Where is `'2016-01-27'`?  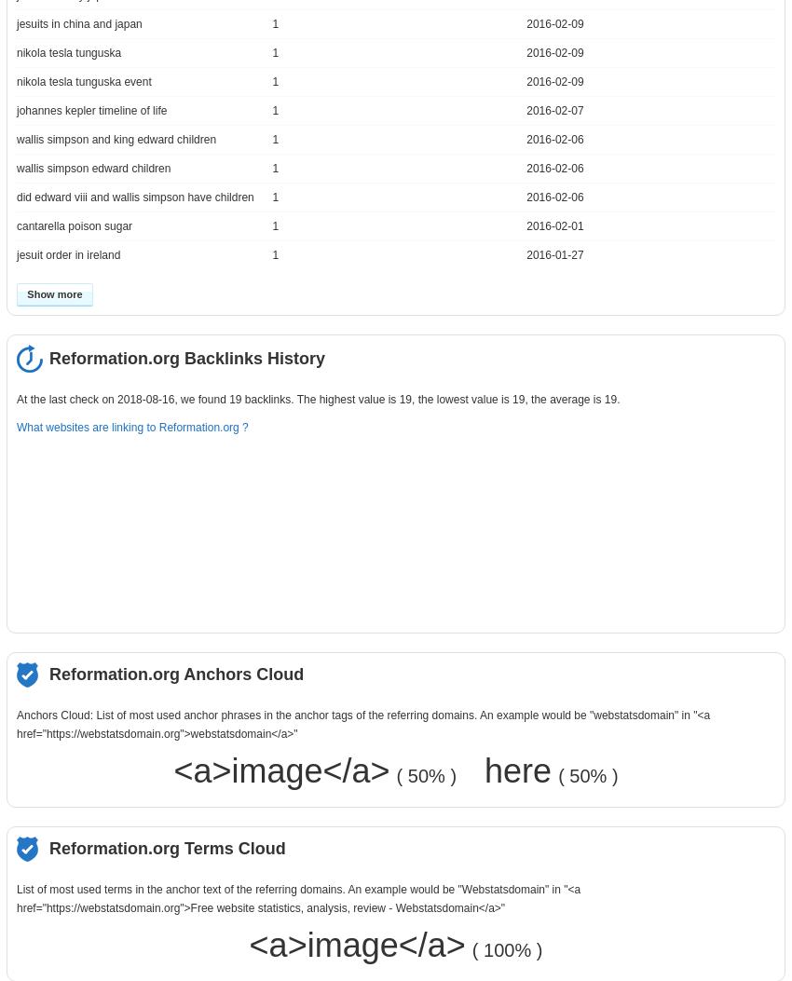 '2016-01-27' is located at coordinates (554, 253).